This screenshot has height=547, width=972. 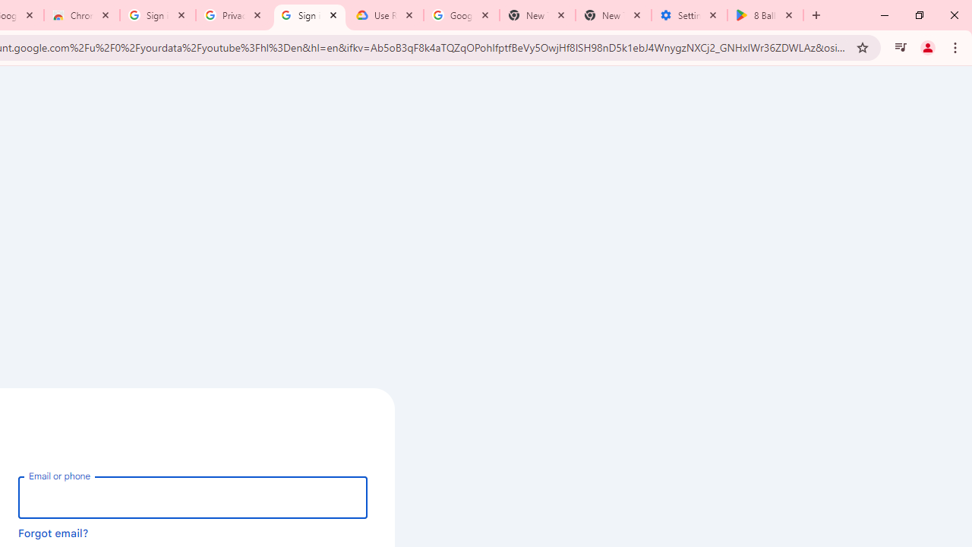 I want to click on 'Sign in - Google Accounts', so click(x=158, y=15).